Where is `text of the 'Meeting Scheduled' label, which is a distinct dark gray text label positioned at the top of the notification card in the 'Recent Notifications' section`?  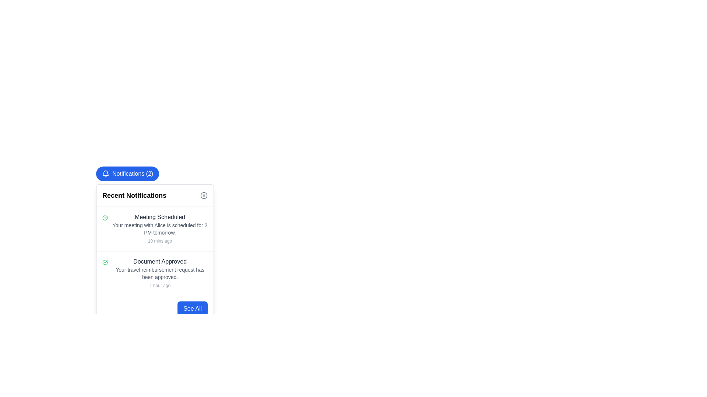 text of the 'Meeting Scheduled' label, which is a distinct dark gray text label positioned at the top of the notification card in the 'Recent Notifications' section is located at coordinates (159, 217).